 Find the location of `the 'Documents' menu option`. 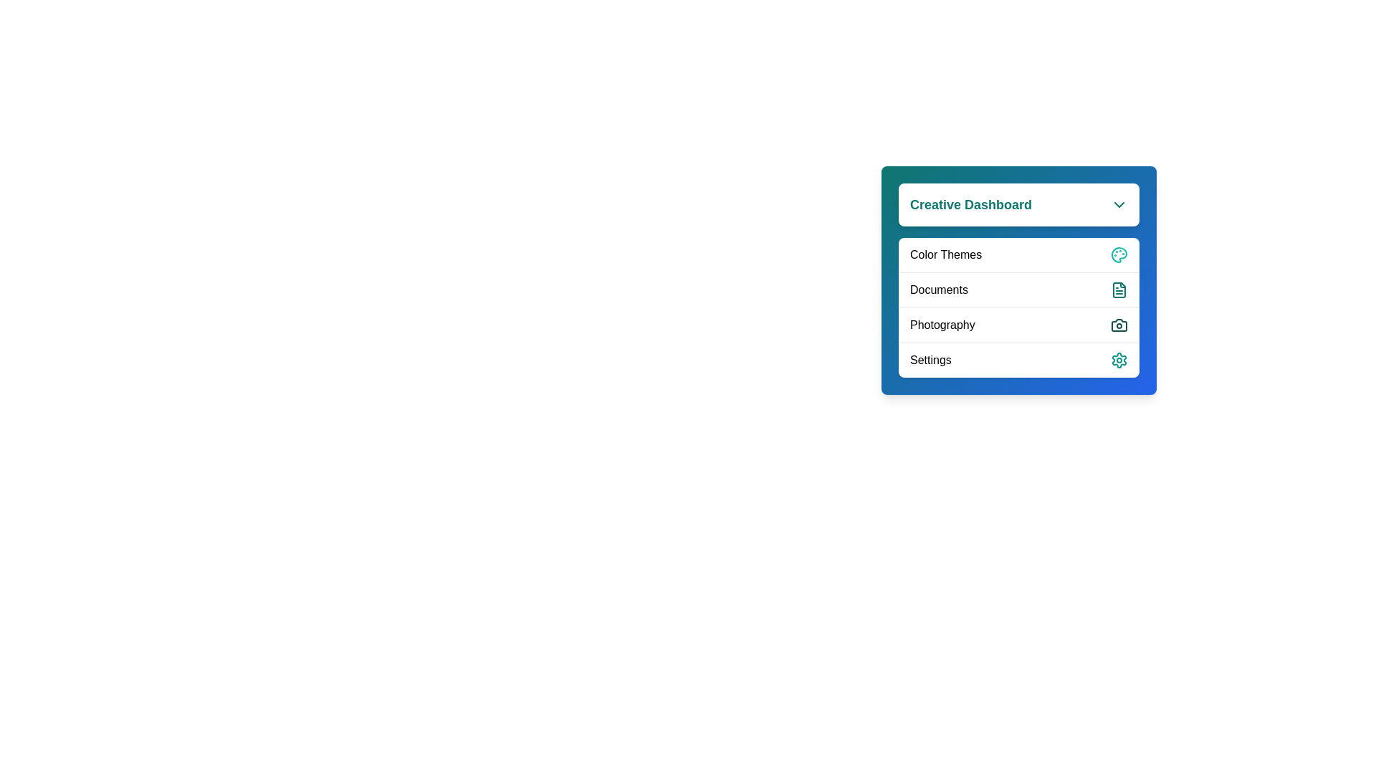

the 'Documents' menu option is located at coordinates (1018, 290).